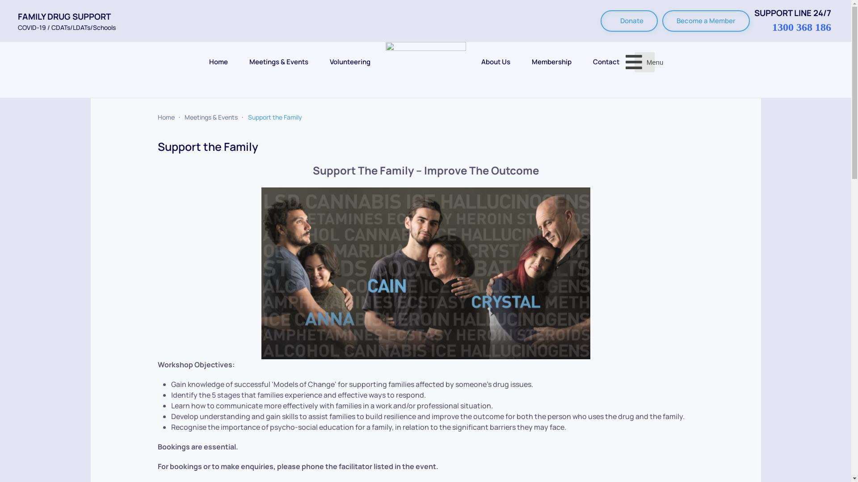 The image size is (858, 482). Describe the element at coordinates (349, 61) in the screenshot. I see `'Volunteering'` at that location.